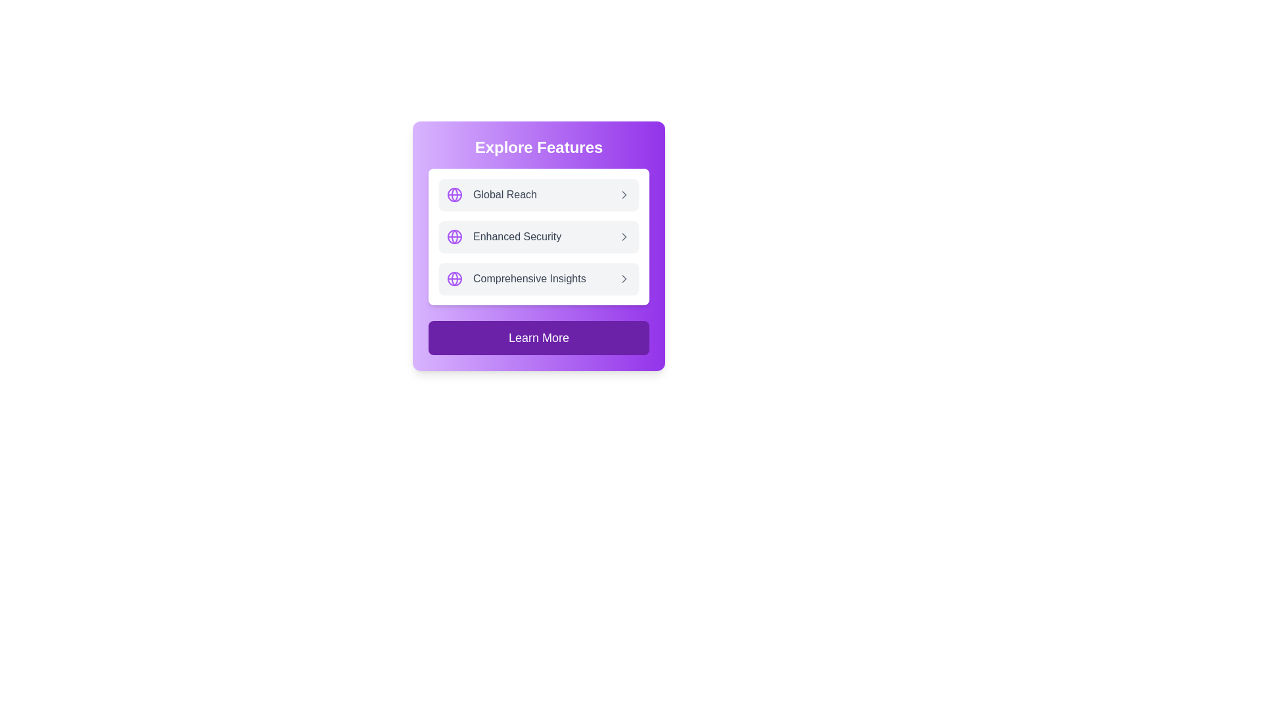 This screenshot has width=1262, height=709. Describe the element at coordinates (624, 195) in the screenshot. I see `the navigational icon associated with the 'Global Reach' label` at that location.